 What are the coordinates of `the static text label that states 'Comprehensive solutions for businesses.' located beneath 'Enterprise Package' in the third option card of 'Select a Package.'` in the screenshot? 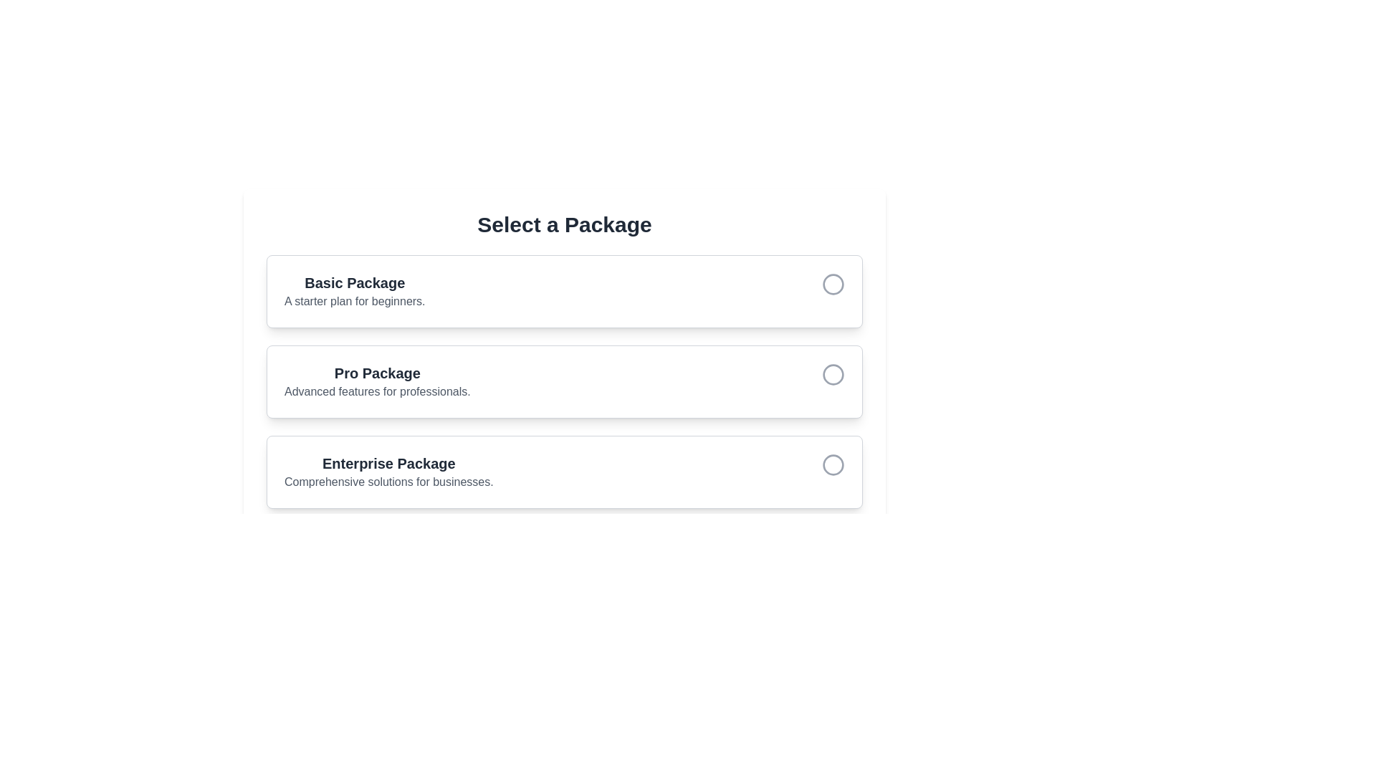 It's located at (388, 482).